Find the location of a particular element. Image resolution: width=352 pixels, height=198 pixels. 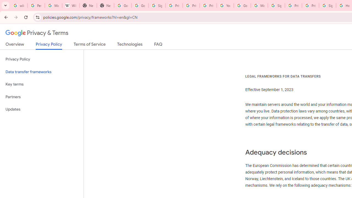

'Google Account Help' is located at coordinates (242, 5).